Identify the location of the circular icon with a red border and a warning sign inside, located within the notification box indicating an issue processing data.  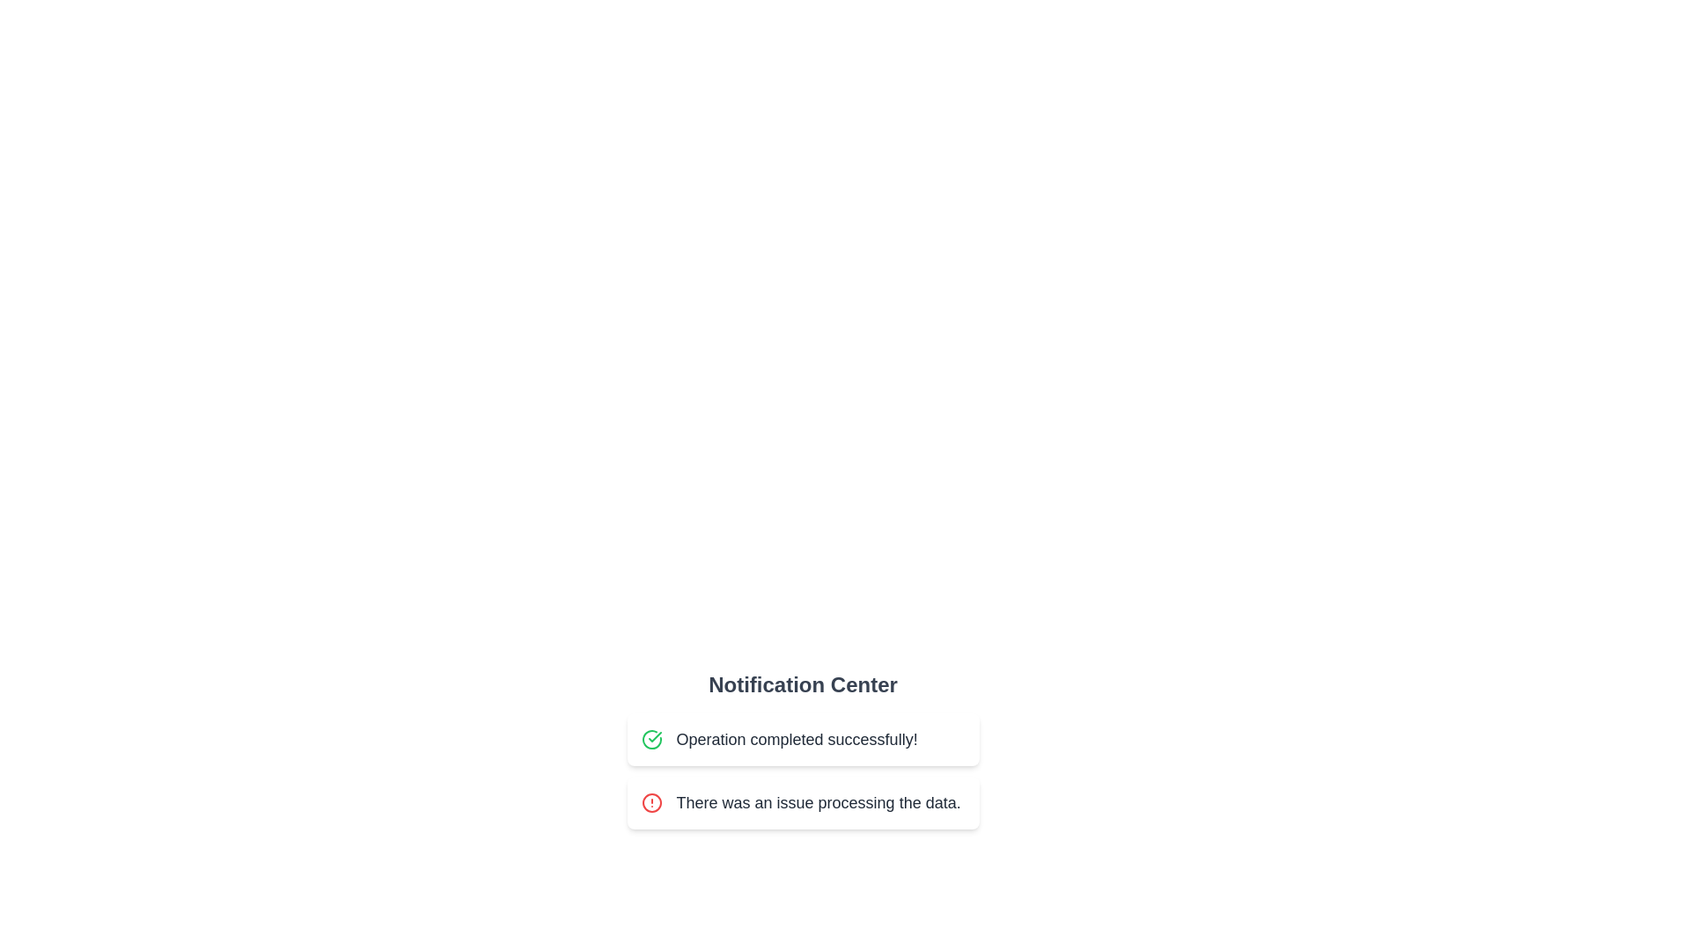
(650, 803).